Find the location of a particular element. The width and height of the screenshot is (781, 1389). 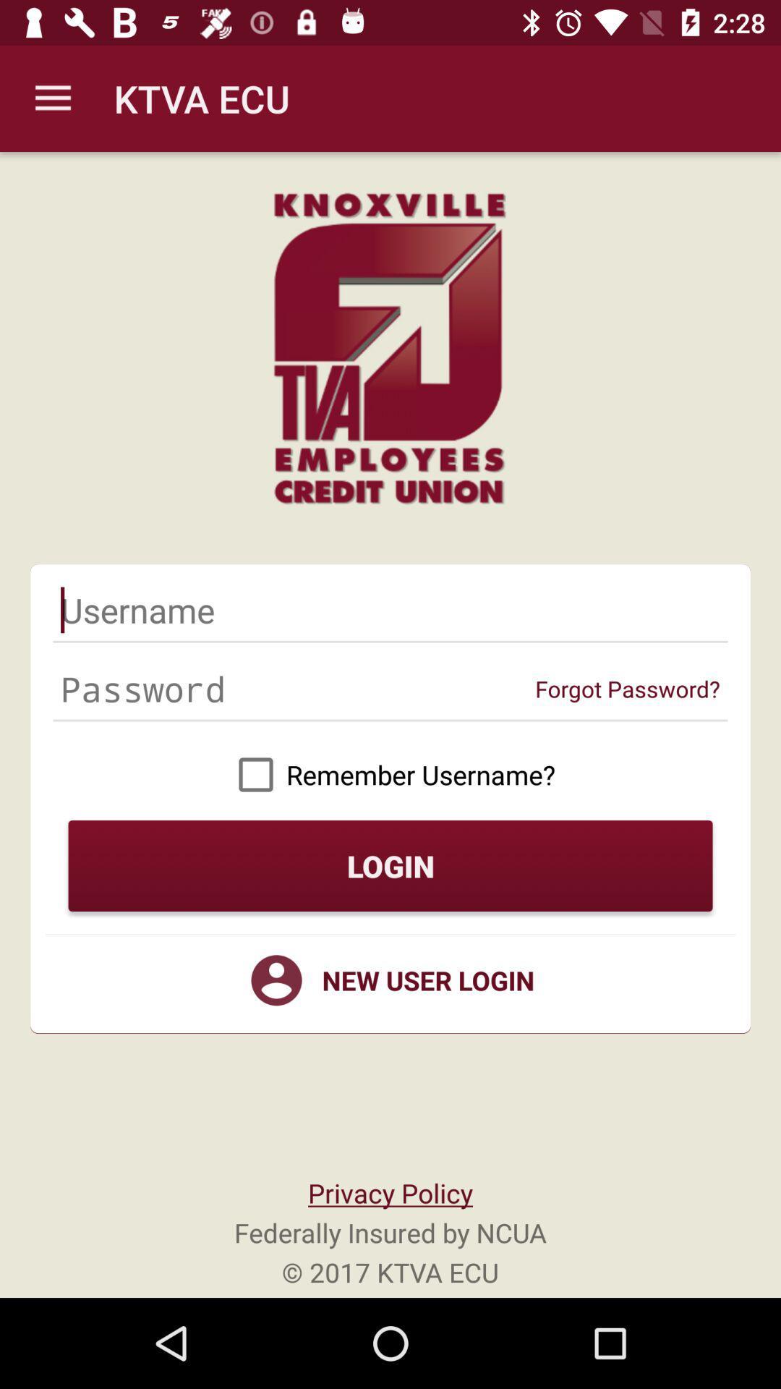

the forgot password? item is located at coordinates (627, 688).